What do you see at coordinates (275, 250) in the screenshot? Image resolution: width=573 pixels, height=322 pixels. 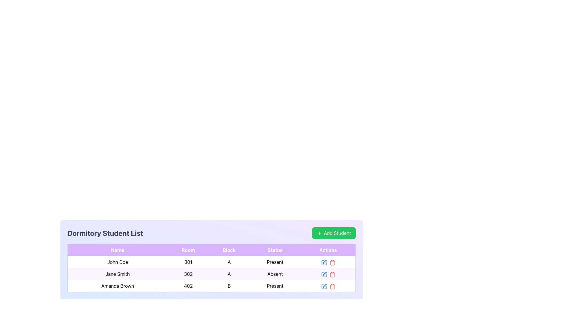 I see `the header label for the 'Status' column in the table, which is located in the fourth column, between 'Block' and 'Actions'` at bounding box center [275, 250].